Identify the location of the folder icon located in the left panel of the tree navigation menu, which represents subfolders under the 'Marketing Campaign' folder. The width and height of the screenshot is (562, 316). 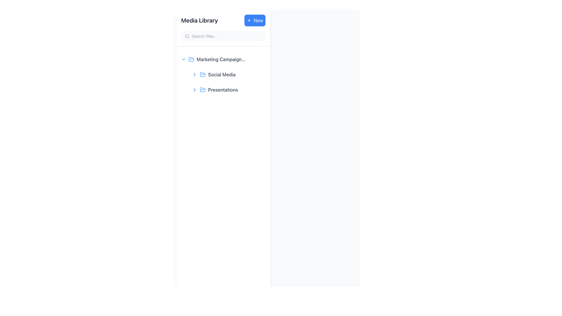
(191, 59).